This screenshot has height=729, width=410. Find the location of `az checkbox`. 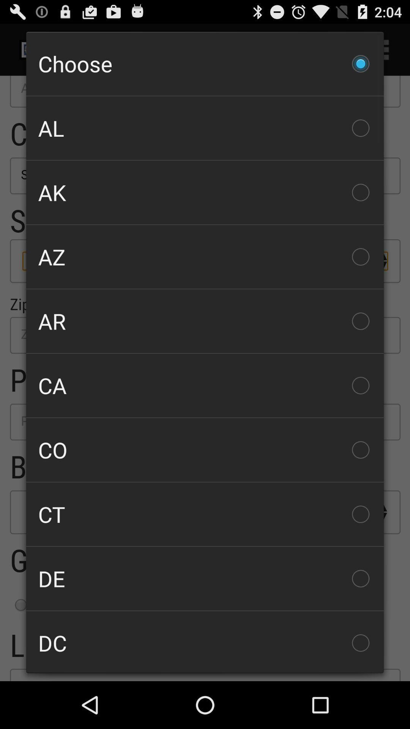

az checkbox is located at coordinates (205, 257).